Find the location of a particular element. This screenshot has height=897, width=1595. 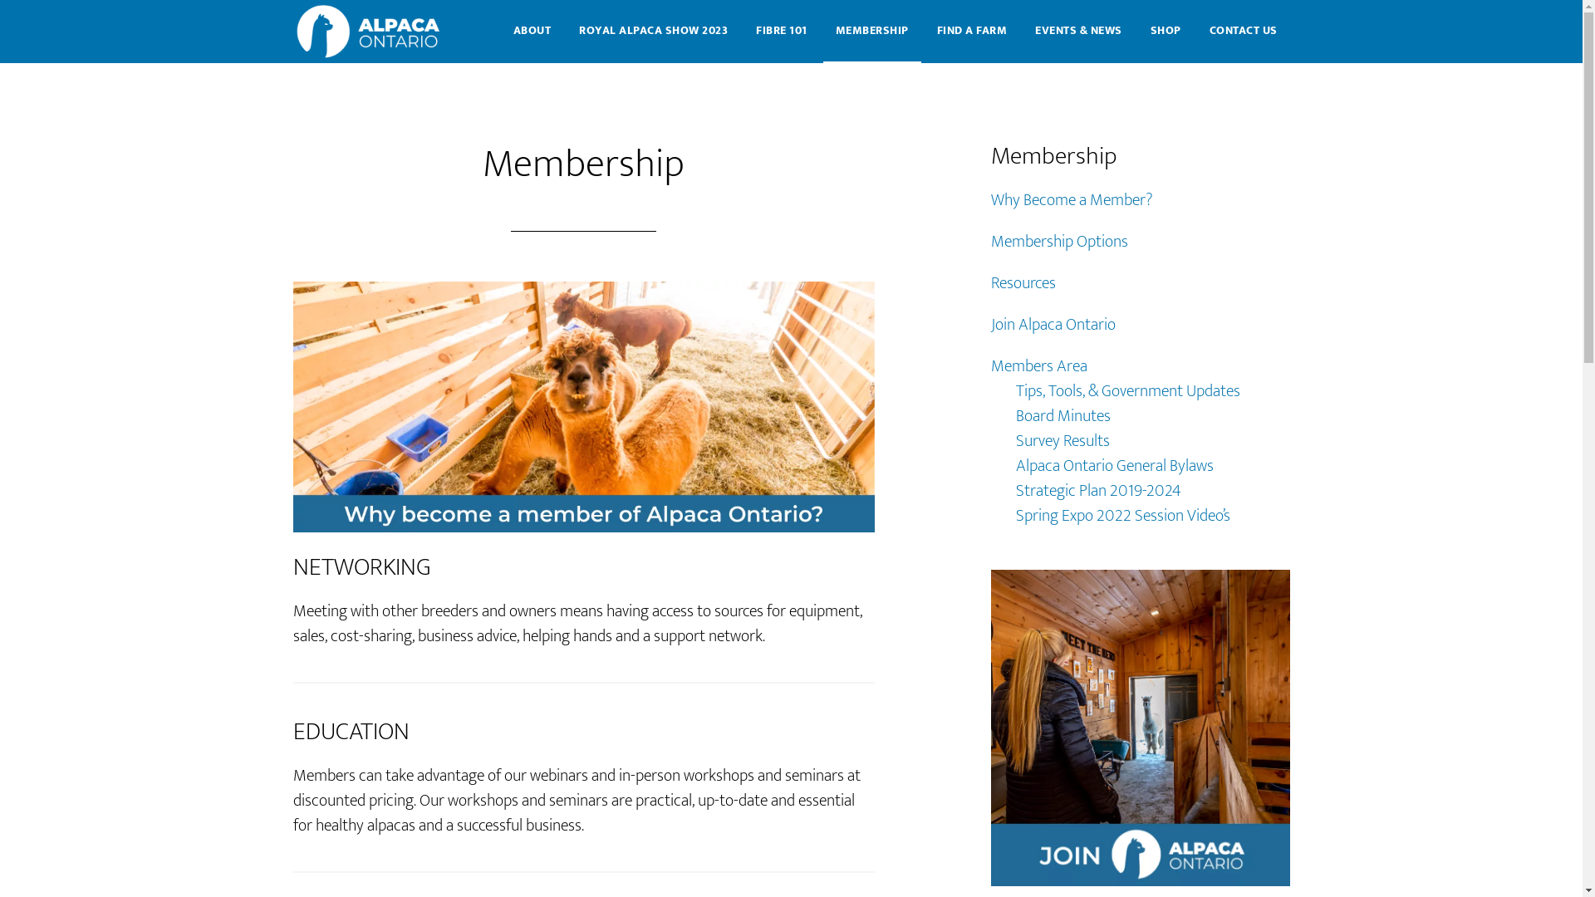

'ABOUT' is located at coordinates (530, 32).